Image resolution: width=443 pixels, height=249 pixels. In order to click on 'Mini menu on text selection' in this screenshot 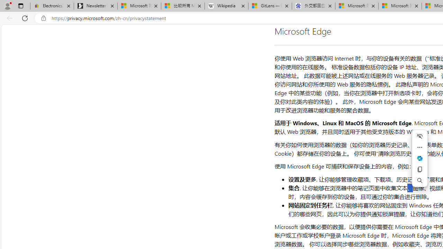, I will do `click(419, 158)`.